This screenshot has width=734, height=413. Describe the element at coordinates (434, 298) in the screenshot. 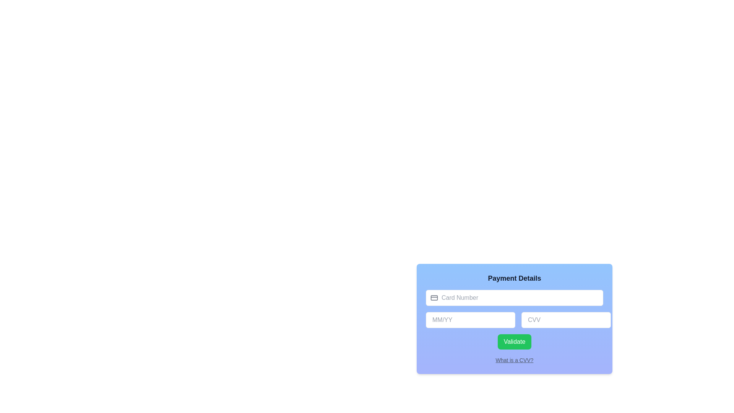

I see `the icon that visually indicates the type of input expected in the adjacent 'Card Number' field, which is centrally positioned to the left of the text input field` at that location.